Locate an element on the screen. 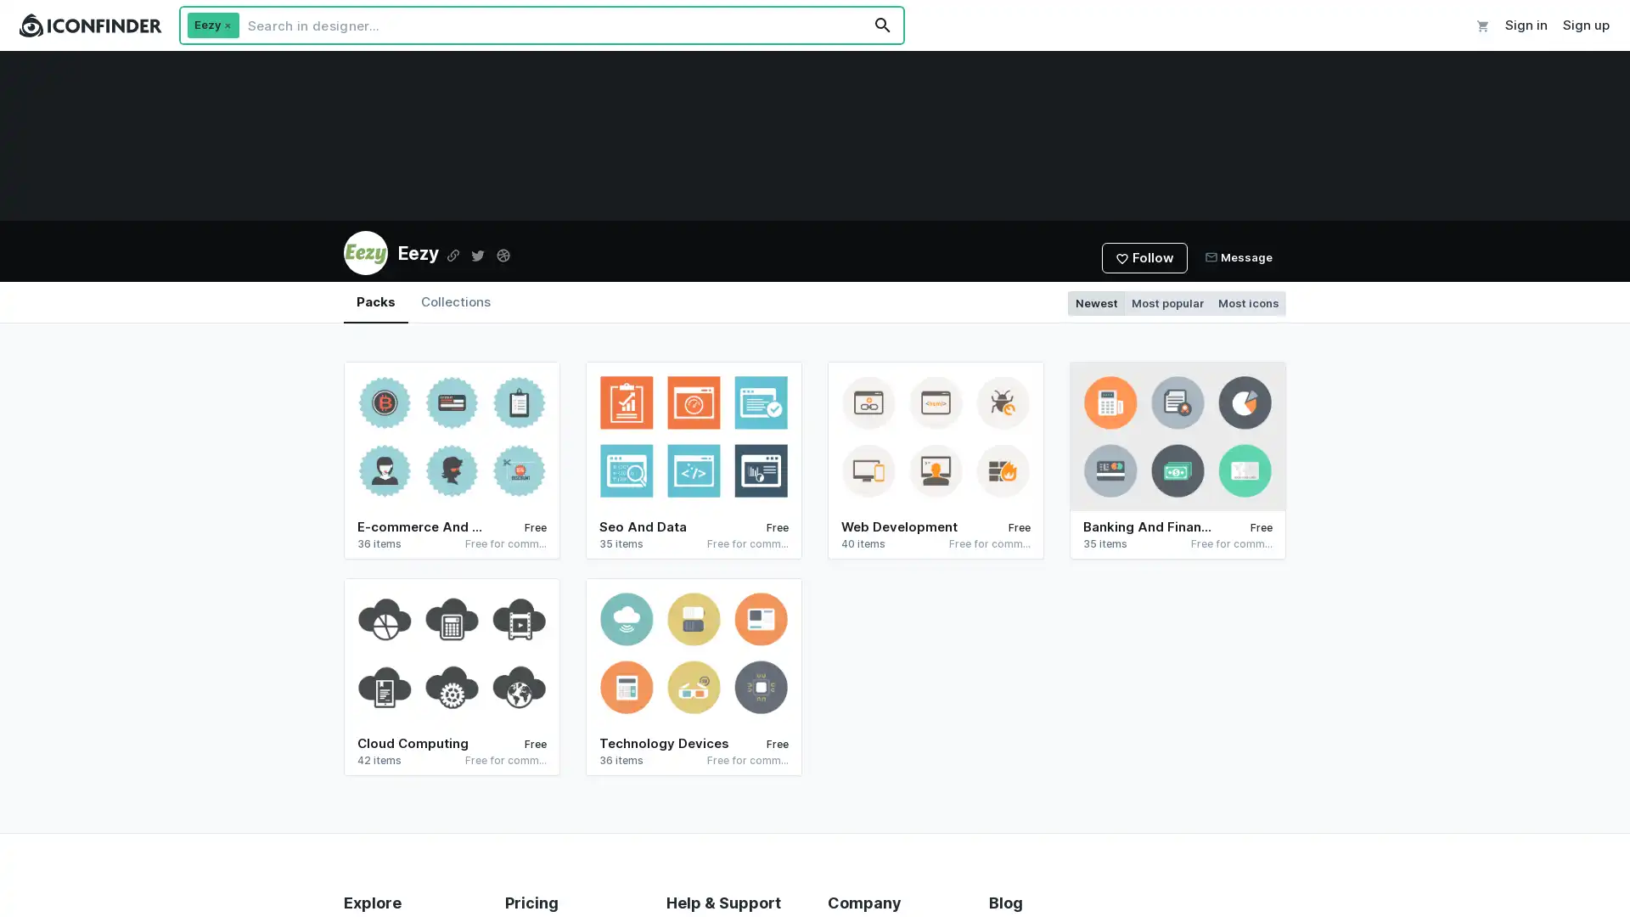 This screenshot has height=917, width=1630. Follow is located at coordinates (1144, 258).